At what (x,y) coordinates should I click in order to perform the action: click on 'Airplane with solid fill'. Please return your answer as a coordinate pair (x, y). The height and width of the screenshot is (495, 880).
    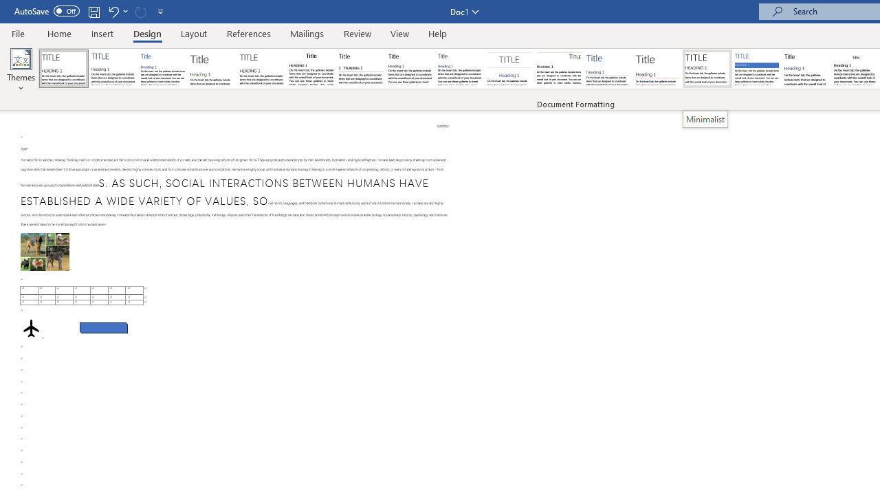
    Looking at the image, I should click on (31, 327).